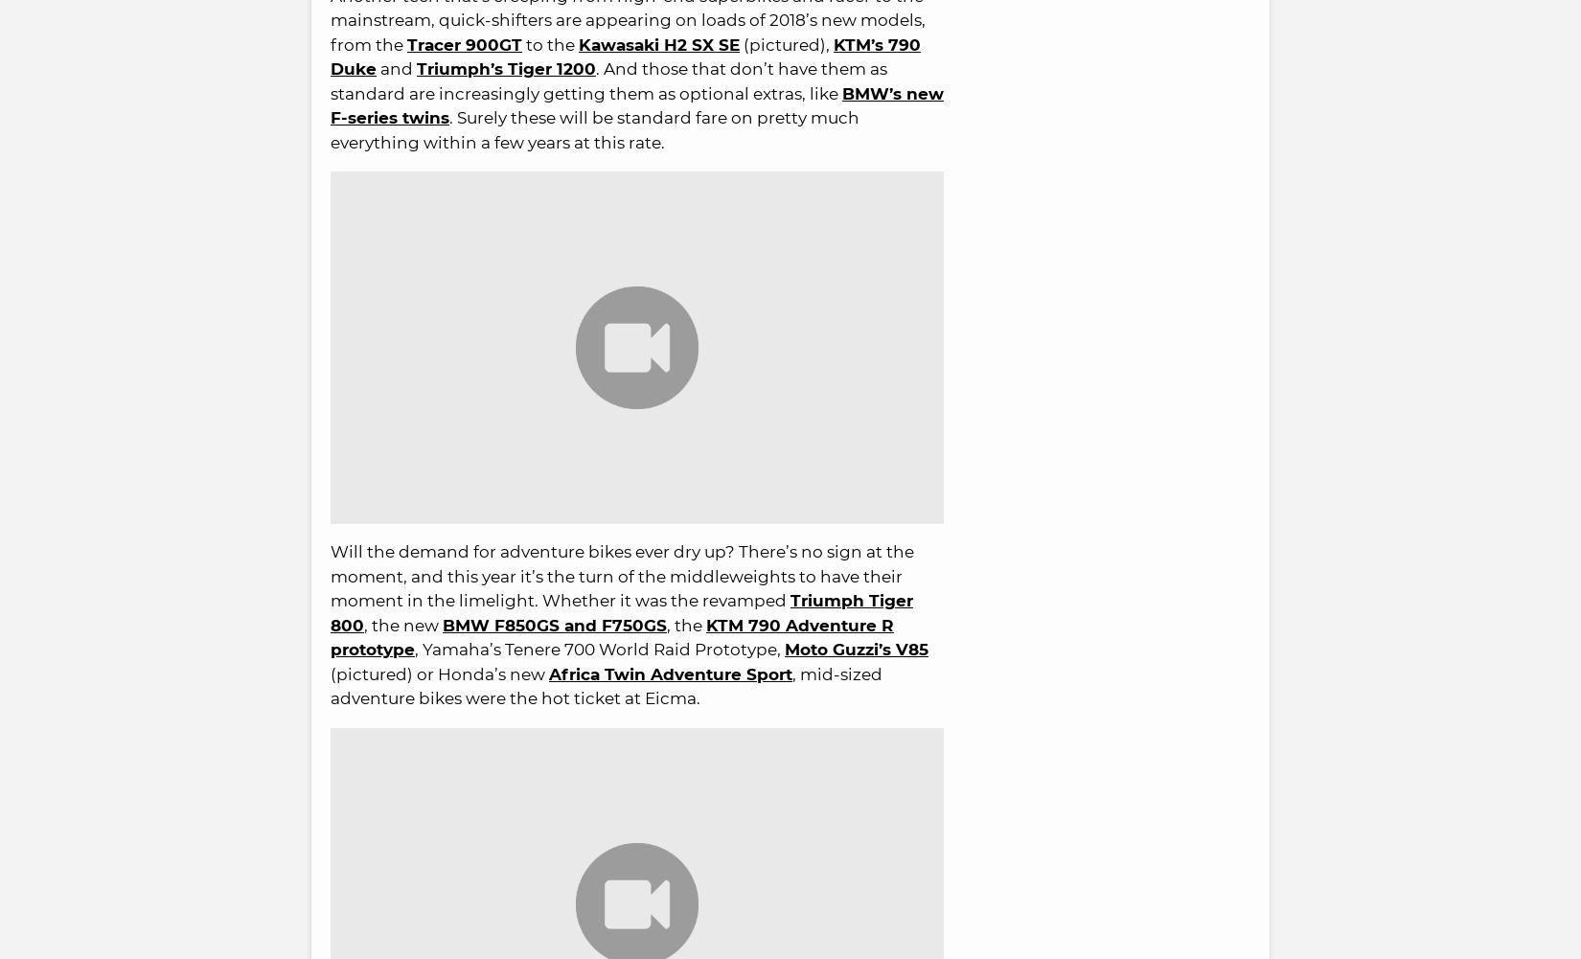  Describe the element at coordinates (402, 623) in the screenshot. I see `', the new'` at that location.